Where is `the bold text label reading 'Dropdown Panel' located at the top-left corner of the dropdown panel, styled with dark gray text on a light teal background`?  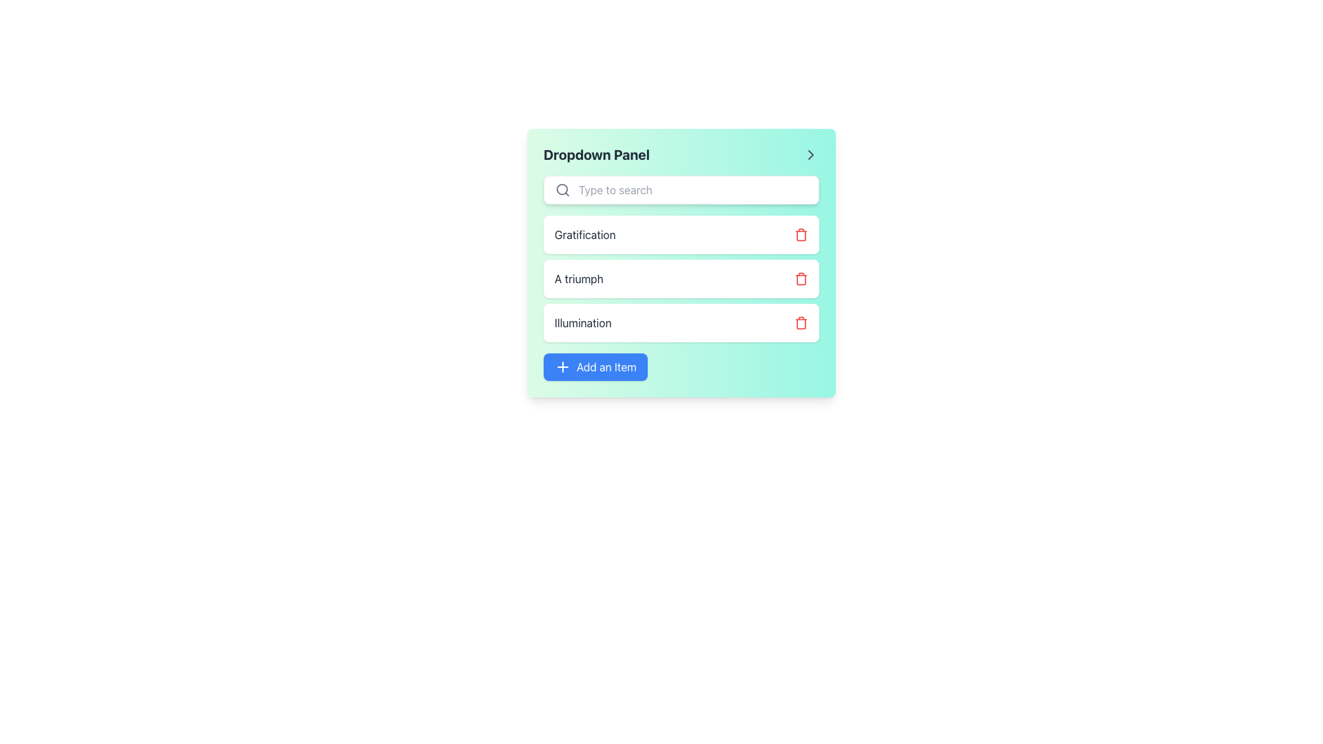 the bold text label reading 'Dropdown Panel' located at the top-left corner of the dropdown panel, styled with dark gray text on a light teal background is located at coordinates (596, 154).